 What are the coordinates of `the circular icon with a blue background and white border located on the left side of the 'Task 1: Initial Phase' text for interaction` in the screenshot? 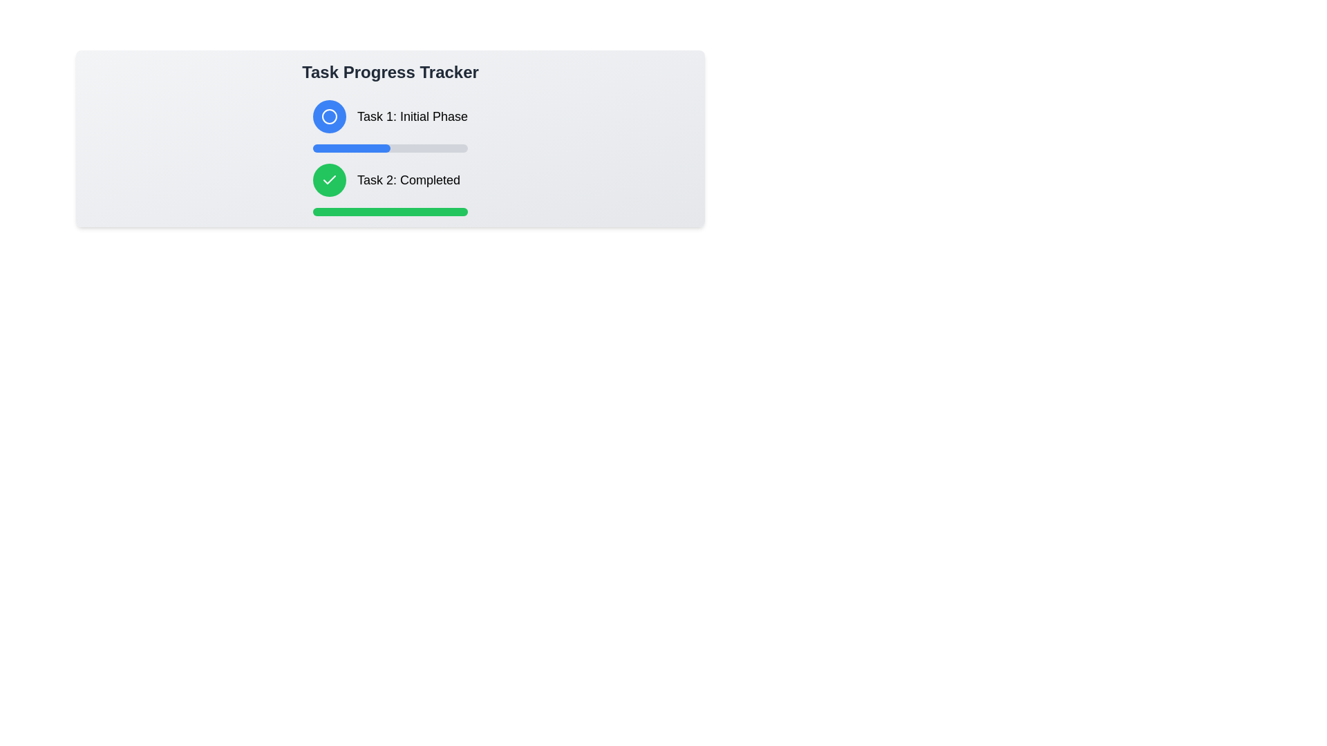 It's located at (328, 116).